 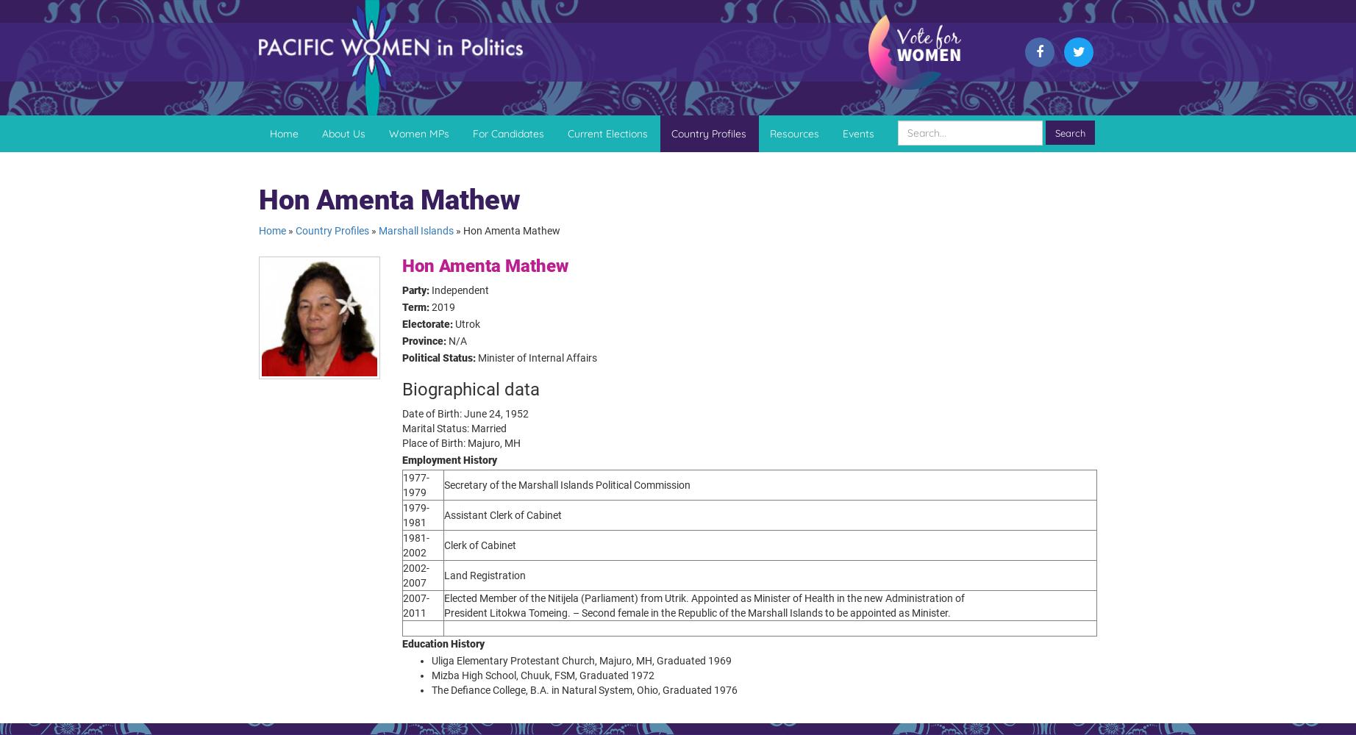 What do you see at coordinates (526, 661) in the screenshot?
I see `'Elementary Protestant Church,'` at bounding box center [526, 661].